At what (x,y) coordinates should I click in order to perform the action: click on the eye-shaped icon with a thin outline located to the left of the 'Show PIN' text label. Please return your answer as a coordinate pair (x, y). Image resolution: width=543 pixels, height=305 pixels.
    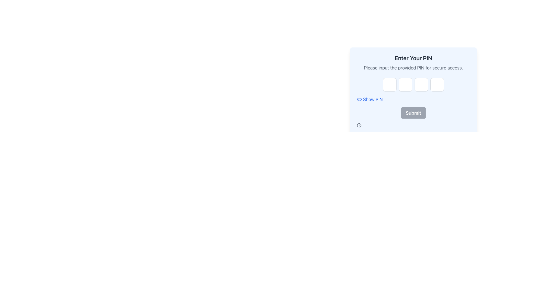
    Looking at the image, I should click on (359, 99).